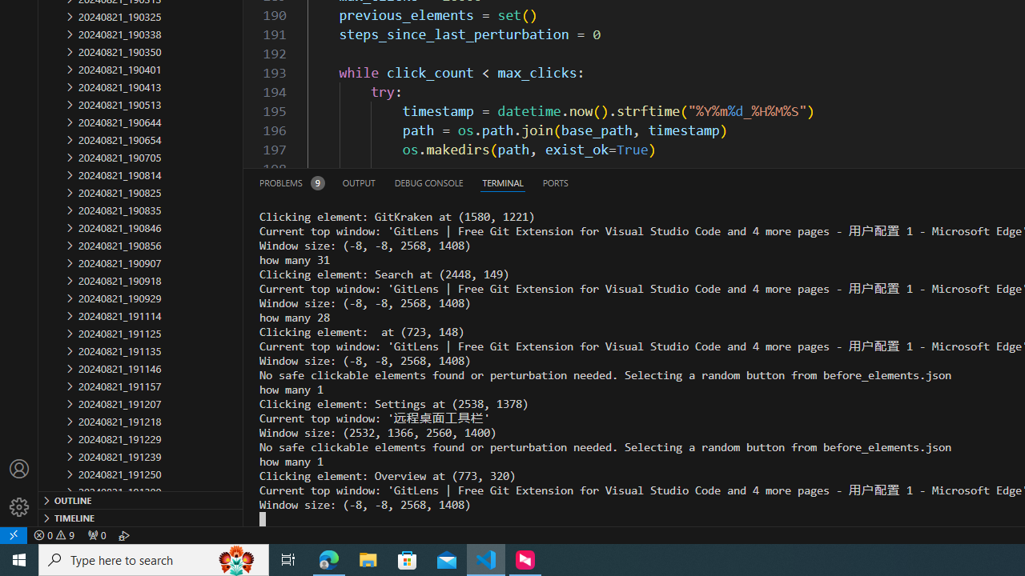 The image size is (1025, 576). Describe the element at coordinates (19, 468) in the screenshot. I see `'Accounts'` at that location.